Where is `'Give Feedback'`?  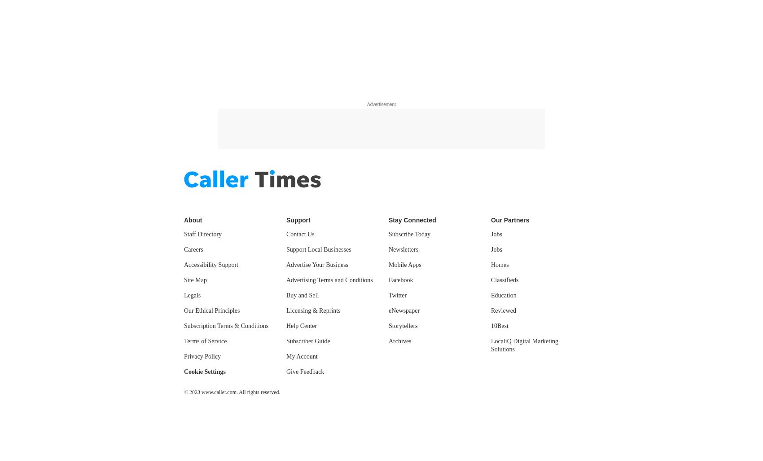 'Give Feedback' is located at coordinates (305, 372).